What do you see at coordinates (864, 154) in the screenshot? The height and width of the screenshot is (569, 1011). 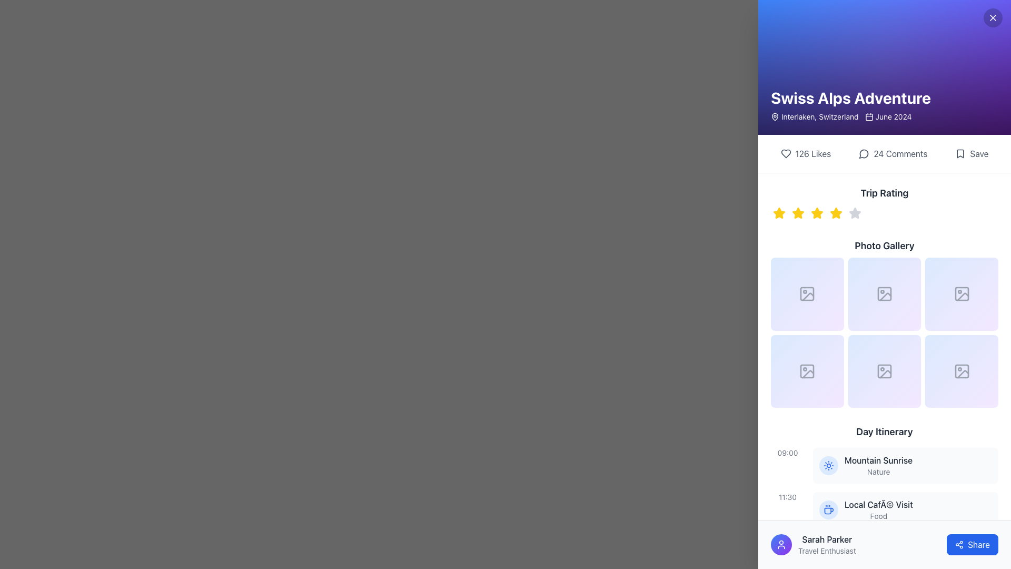 I see `the compact circular chat bubble icon located to the left of the '24 Comments' text` at bounding box center [864, 154].